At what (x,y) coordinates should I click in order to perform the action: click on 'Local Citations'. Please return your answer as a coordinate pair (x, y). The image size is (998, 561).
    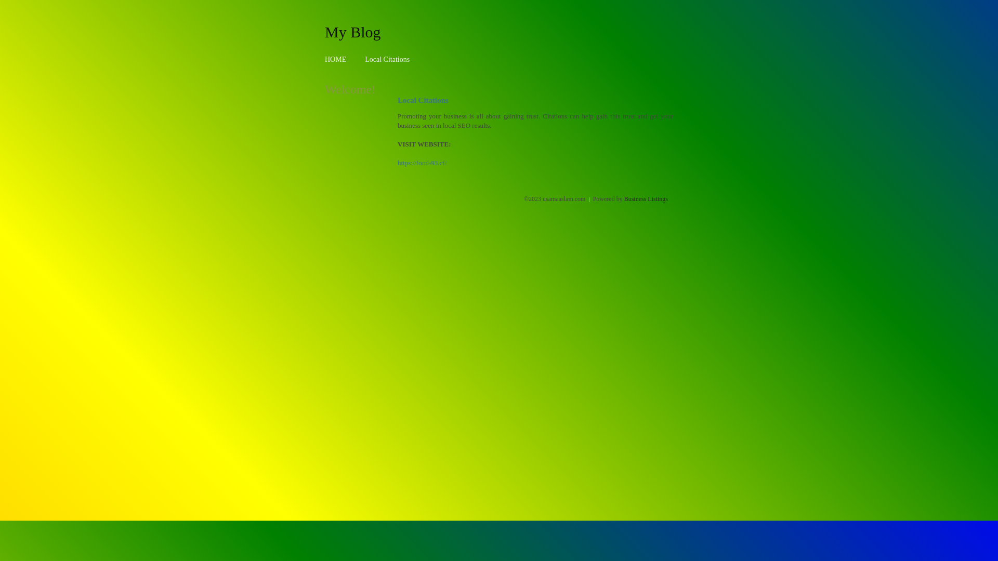
    Looking at the image, I should click on (386, 59).